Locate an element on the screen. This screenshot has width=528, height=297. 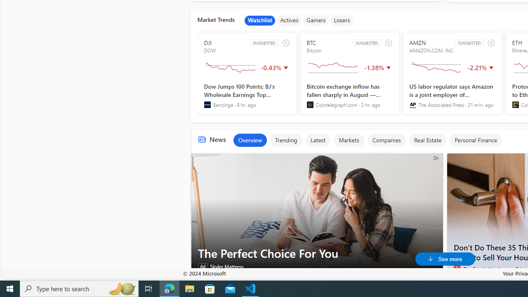
'Personal Finance' is located at coordinates (476, 139).